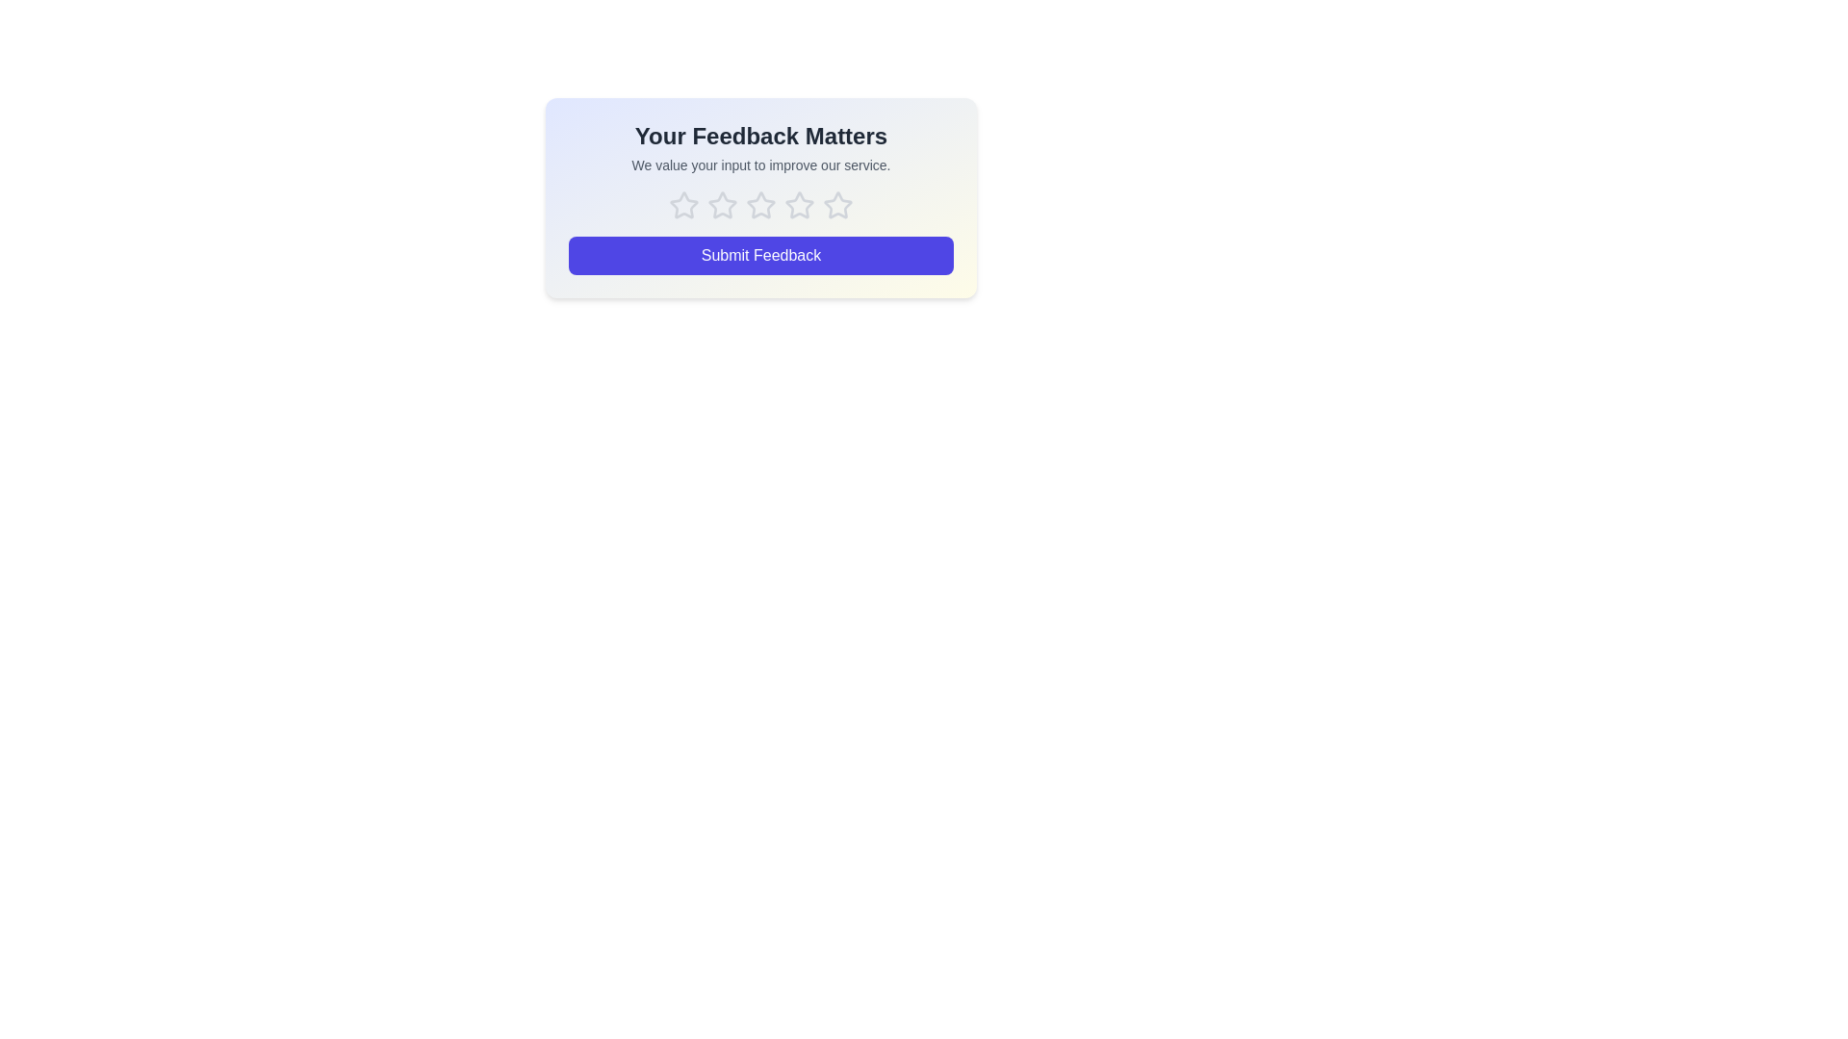 The image size is (1848, 1039). I want to click on the static text label that reads 'We value your input to improve our service.', which is located beneath the heading 'Your Feedback Matters' and above a row of star rating icons, so click(760, 165).